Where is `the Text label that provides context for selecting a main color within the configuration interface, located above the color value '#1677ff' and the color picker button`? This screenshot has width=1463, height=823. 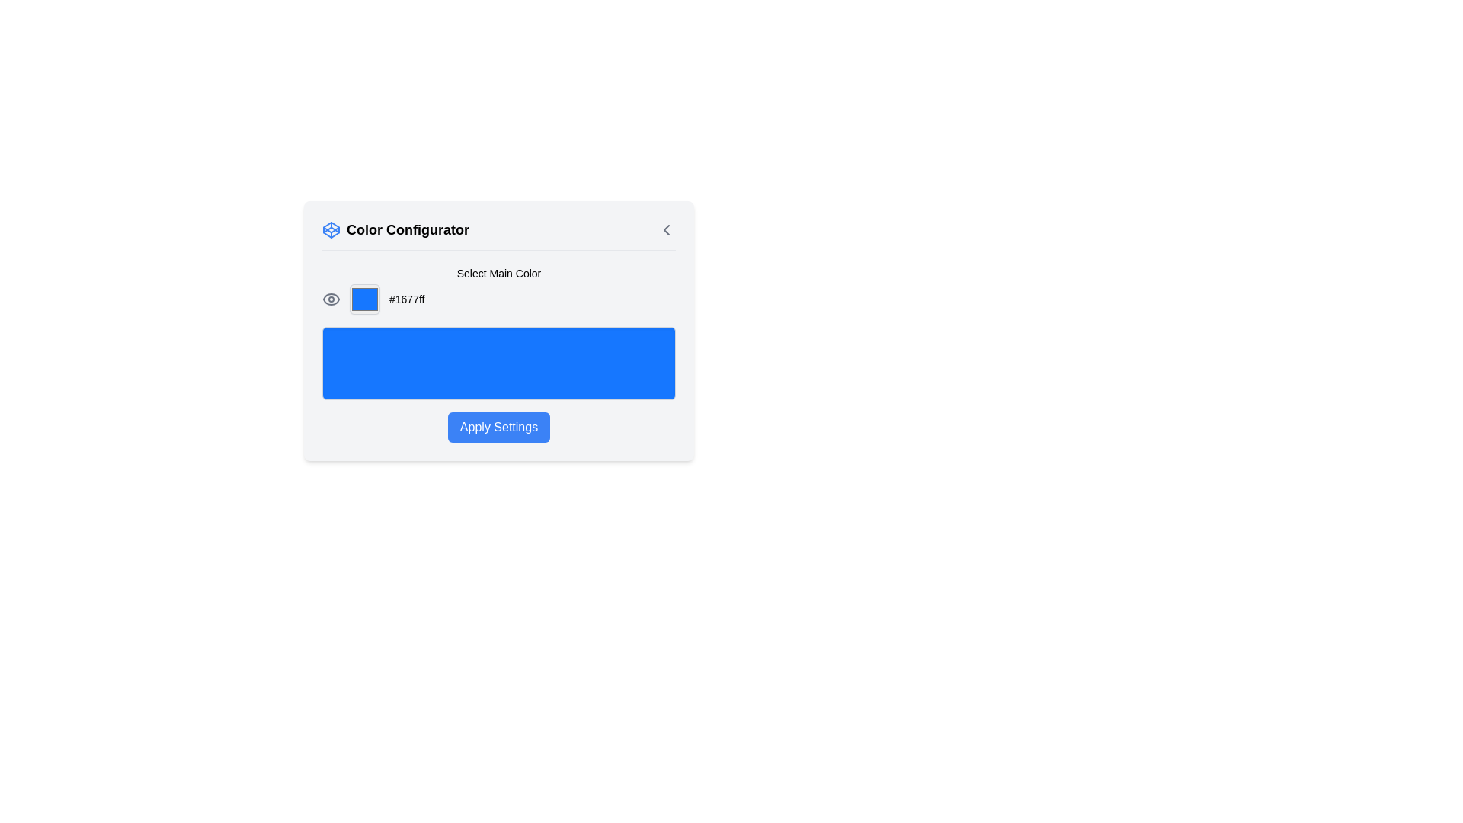 the Text label that provides context for selecting a main color within the configuration interface, located above the color value '#1677ff' and the color picker button is located at coordinates (498, 272).